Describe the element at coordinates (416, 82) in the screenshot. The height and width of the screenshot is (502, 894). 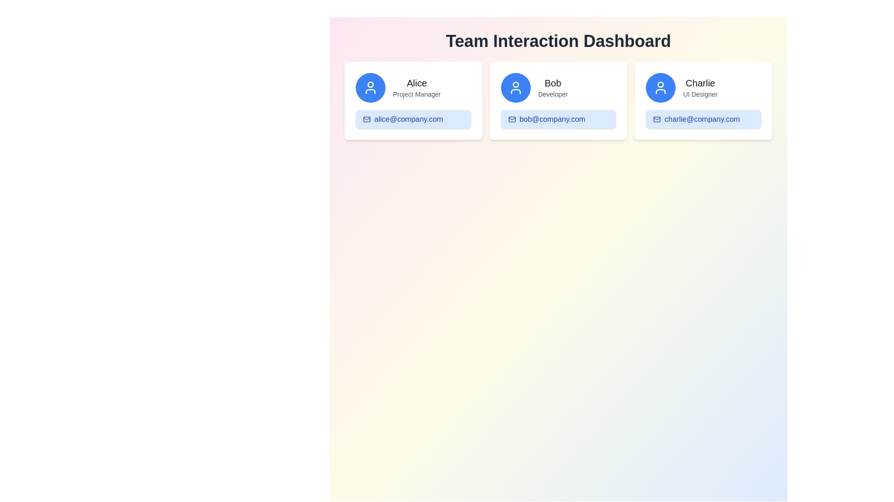
I see `displayed name 'Alice' from the Text label located at the top of the first team member card, which is the leftmost card among three horizontally aligned cards` at that location.